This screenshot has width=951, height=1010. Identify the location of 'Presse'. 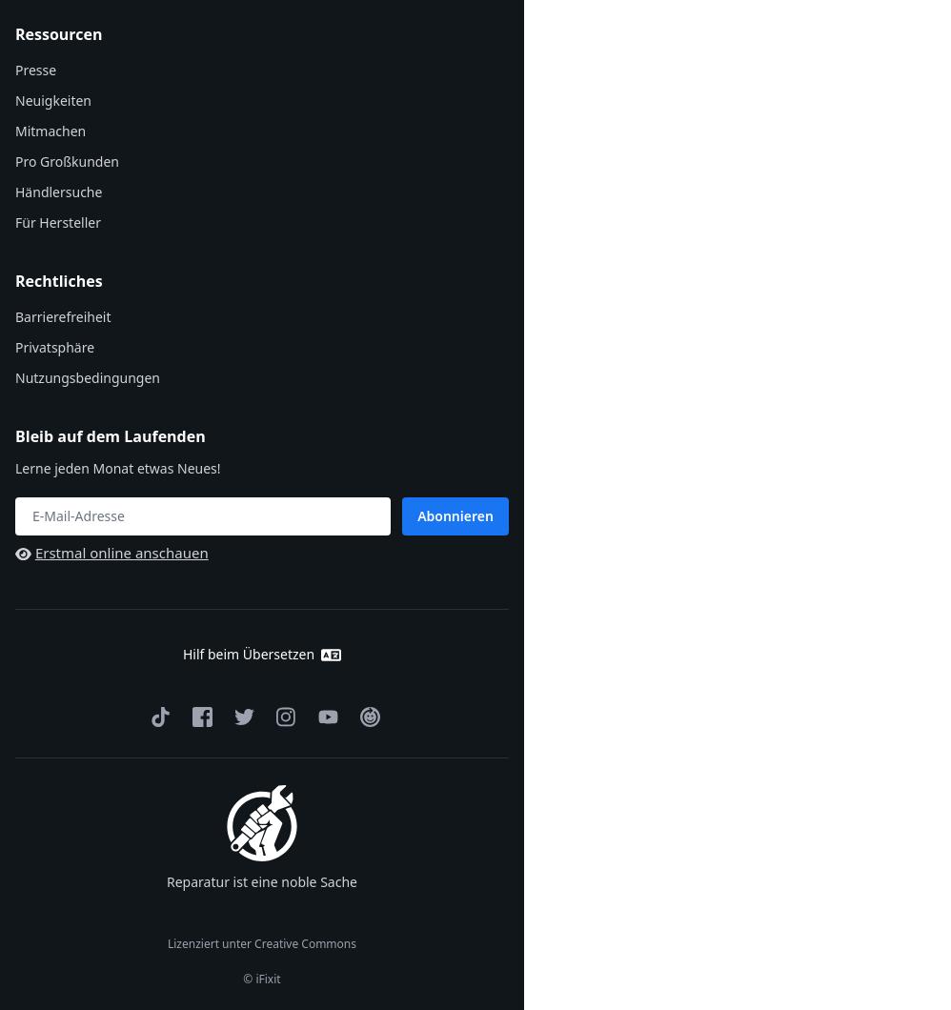
(14, 70).